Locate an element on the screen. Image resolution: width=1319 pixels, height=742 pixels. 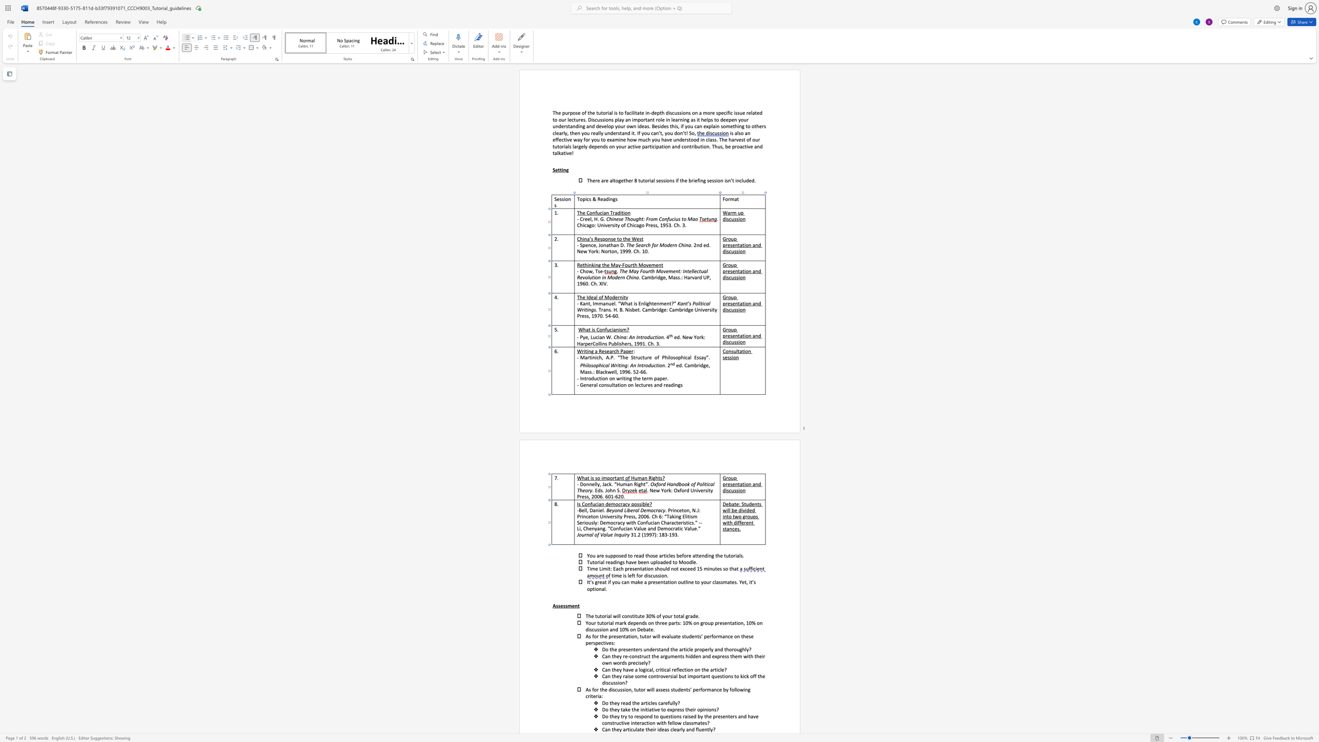
the 1th character "t" in the text is located at coordinates (578, 605).